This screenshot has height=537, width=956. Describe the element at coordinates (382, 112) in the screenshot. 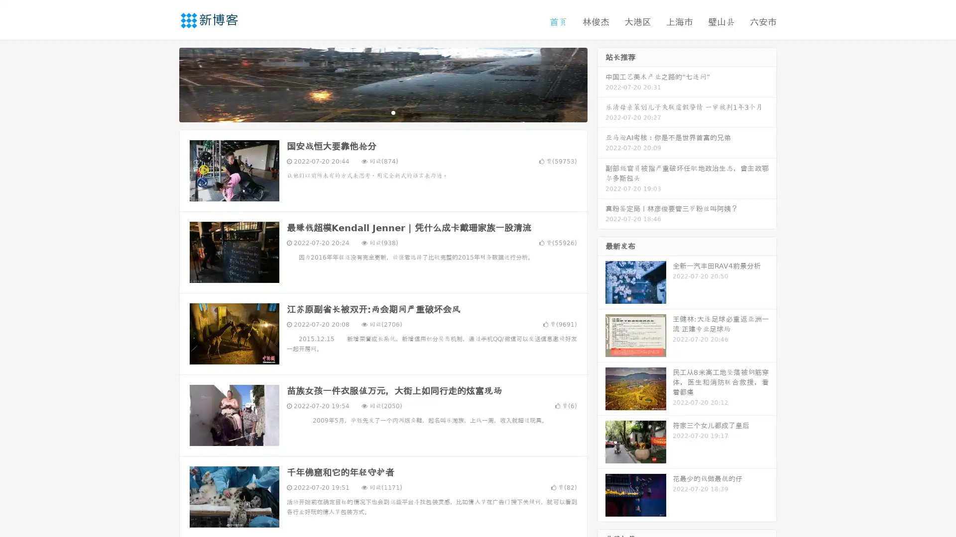

I see `Go to slide 2` at that location.